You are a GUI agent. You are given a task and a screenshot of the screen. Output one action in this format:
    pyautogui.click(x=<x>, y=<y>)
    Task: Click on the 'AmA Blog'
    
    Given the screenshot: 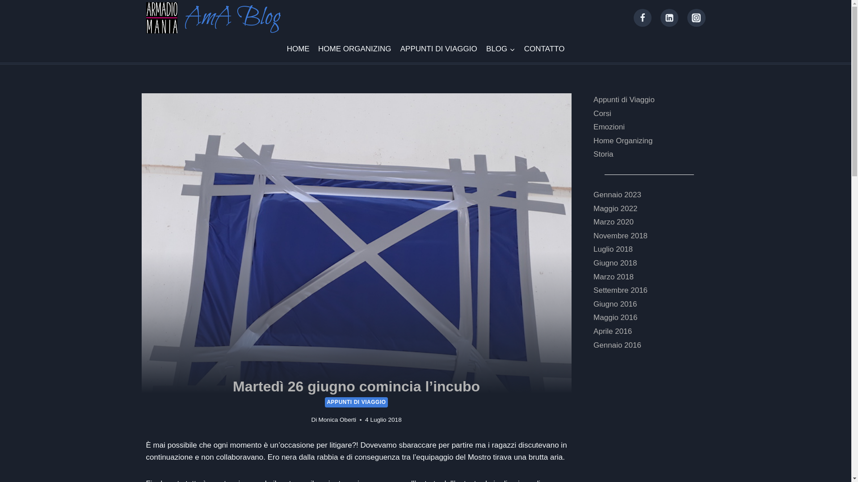 What is the action you would take?
    pyautogui.click(x=212, y=17)
    